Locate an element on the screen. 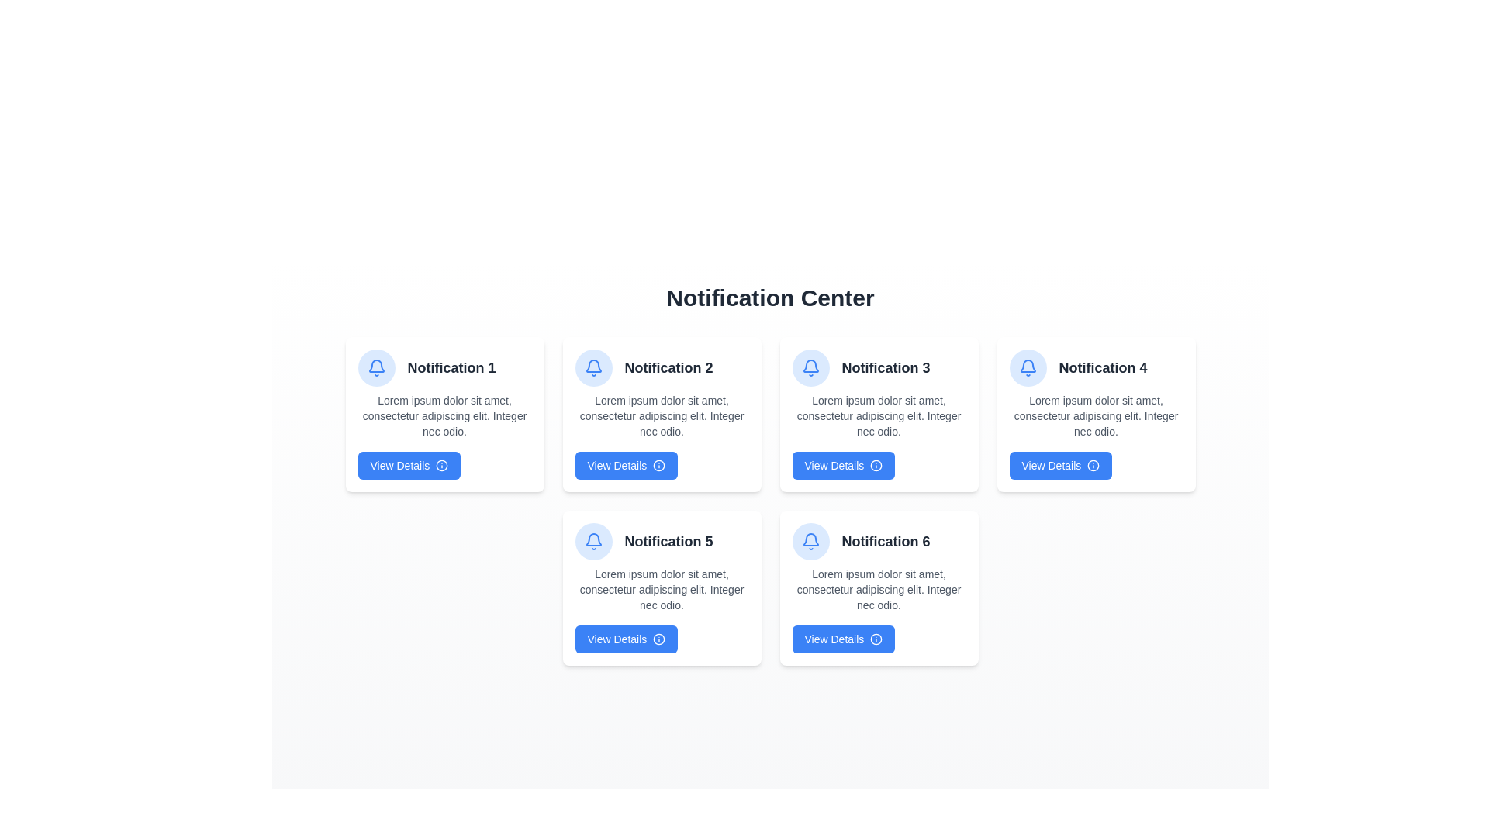  the Notification header element that contains a blue-tinted circular background with a bell icon and the text 'Notification 5' is located at coordinates (662, 540).